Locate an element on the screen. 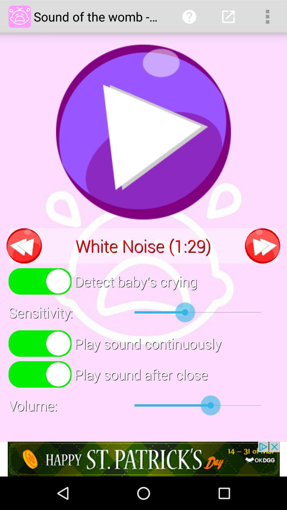 Image resolution: width=287 pixels, height=510 pixels. next page is located at coordinates (262, 245).